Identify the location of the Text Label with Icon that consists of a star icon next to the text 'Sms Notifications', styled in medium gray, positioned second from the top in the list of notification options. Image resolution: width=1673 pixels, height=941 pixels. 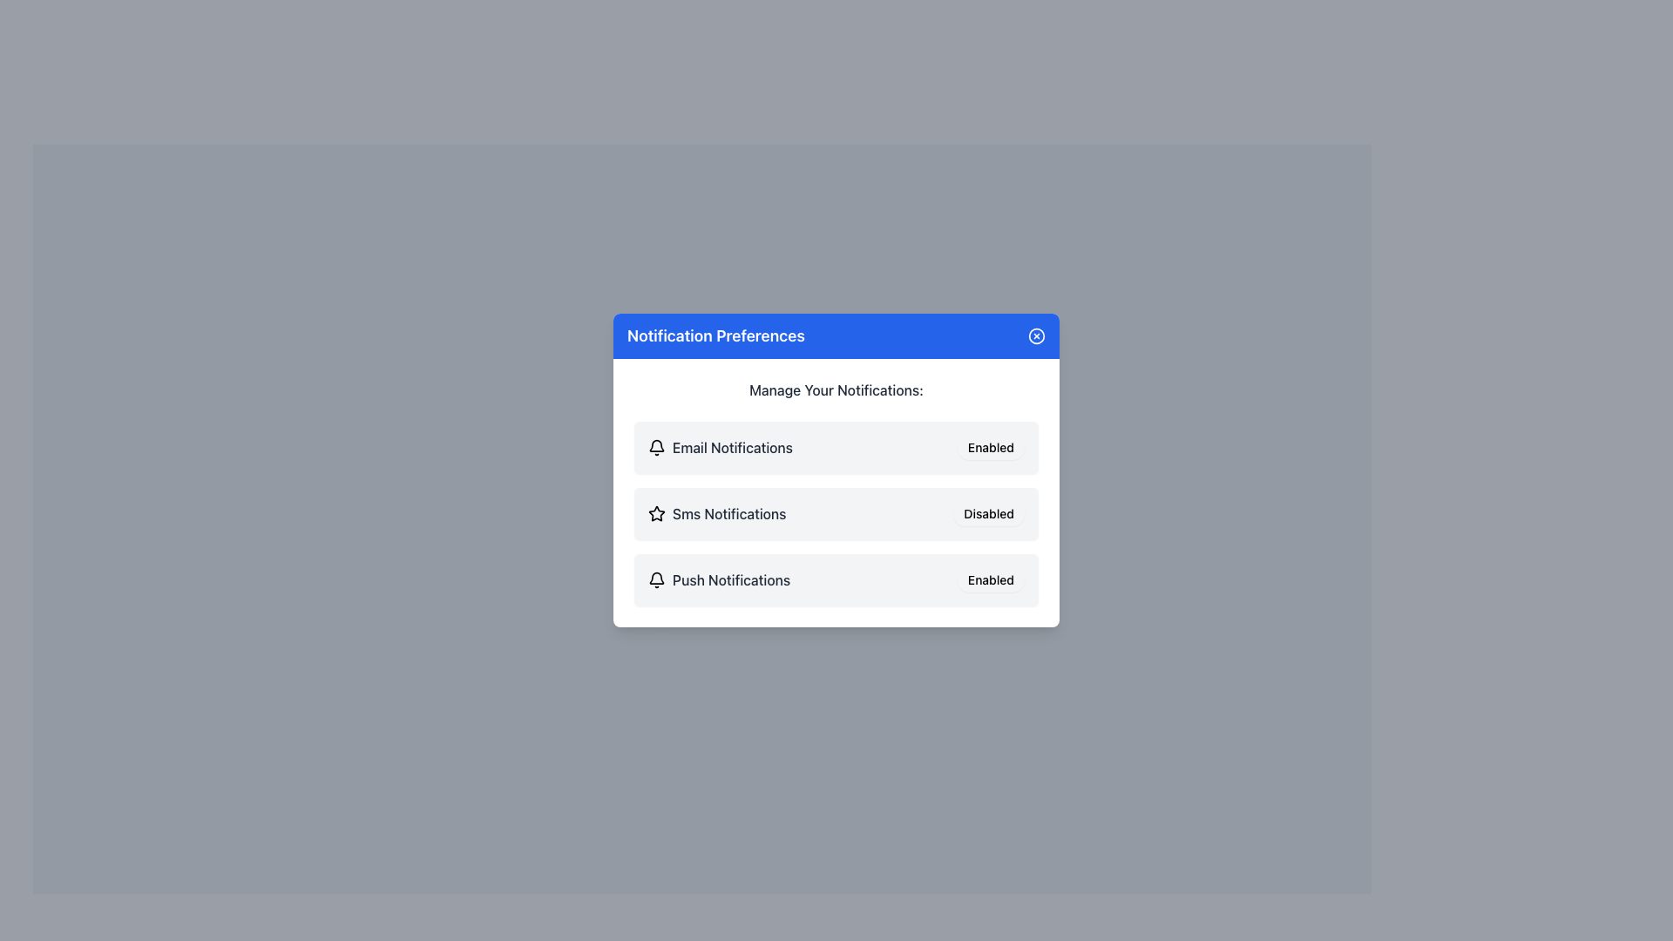
(717, 513).